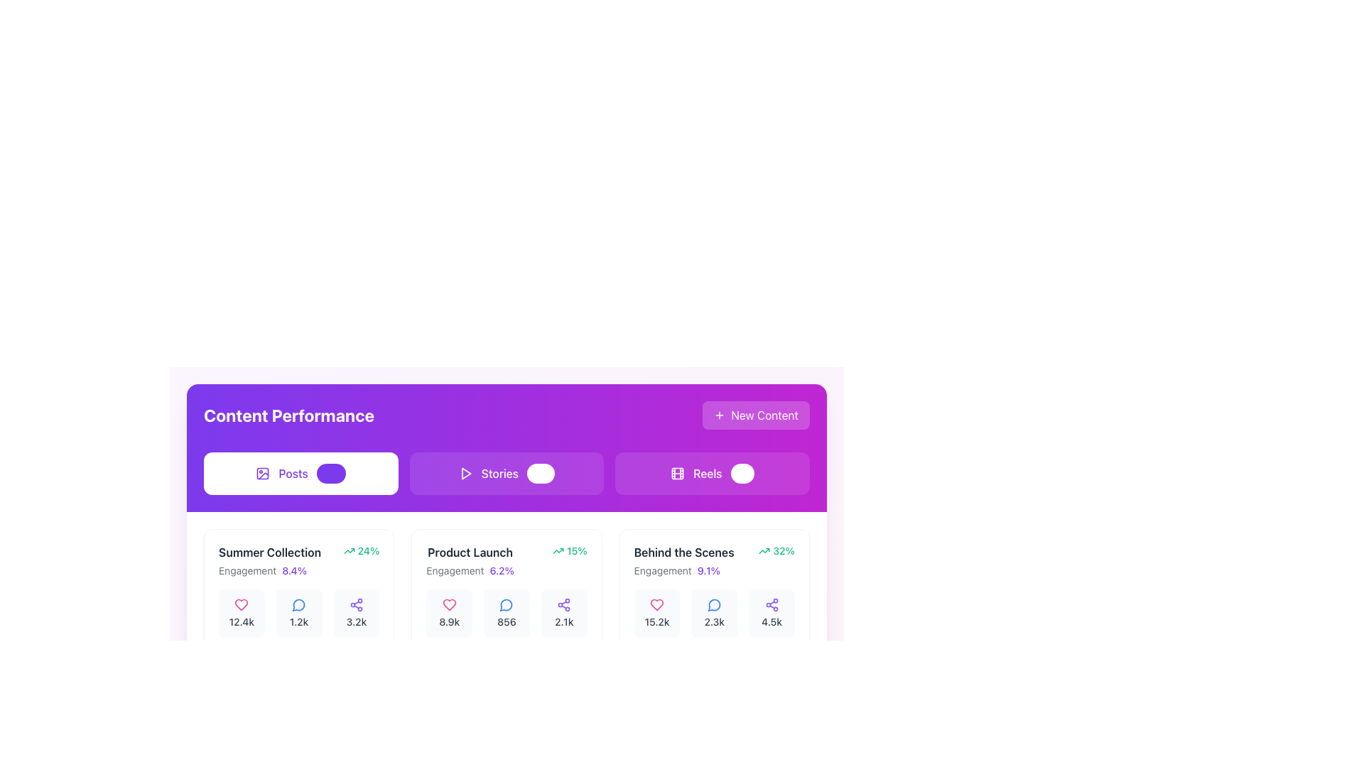 This screenshot has width=1364, height=767. Describe the element at coordinates (507, 621) in the screenshot. I see `the numerical indicator text label located at the bottom of the vertically-aligned group beneath the speech bubble icon, which represents a count or total for the 'Product Launch' category metrics` at that location.